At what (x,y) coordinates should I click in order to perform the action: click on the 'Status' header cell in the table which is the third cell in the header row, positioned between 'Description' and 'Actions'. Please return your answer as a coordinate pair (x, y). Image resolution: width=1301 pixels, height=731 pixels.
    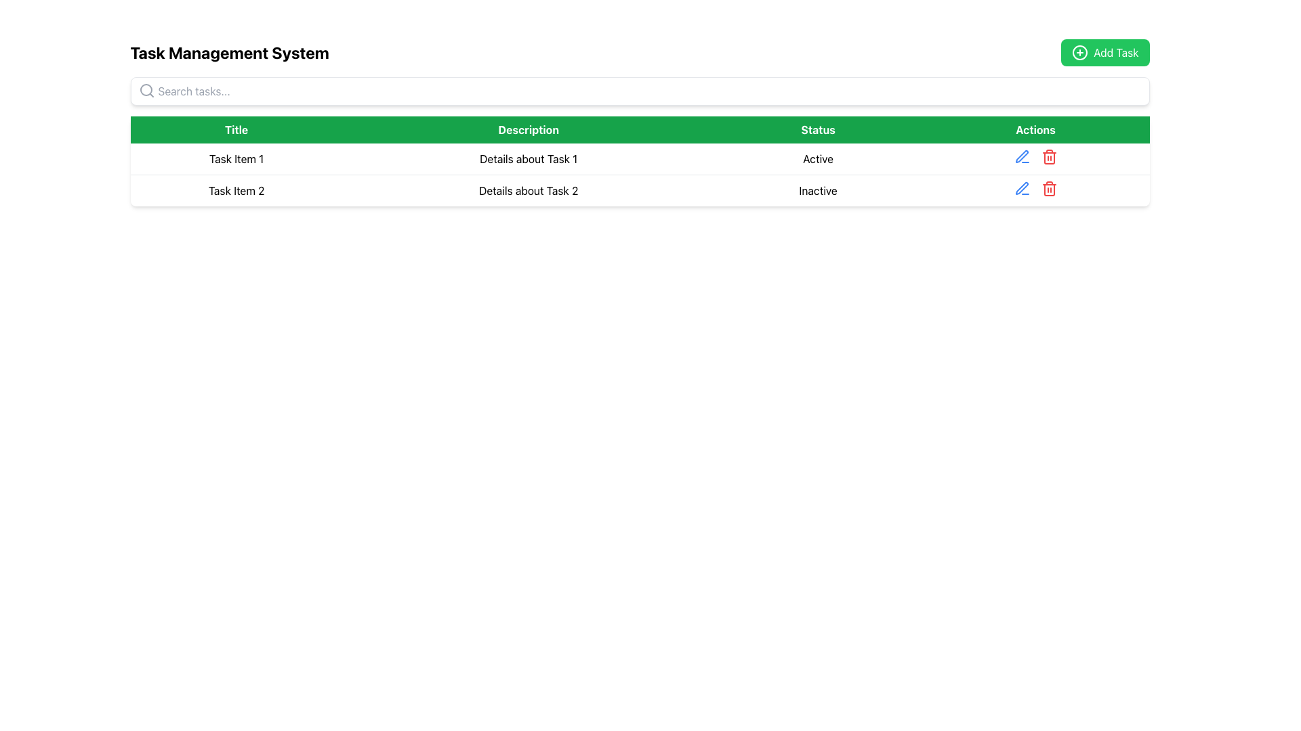
    Looking at the image, I should click on (817, 130).